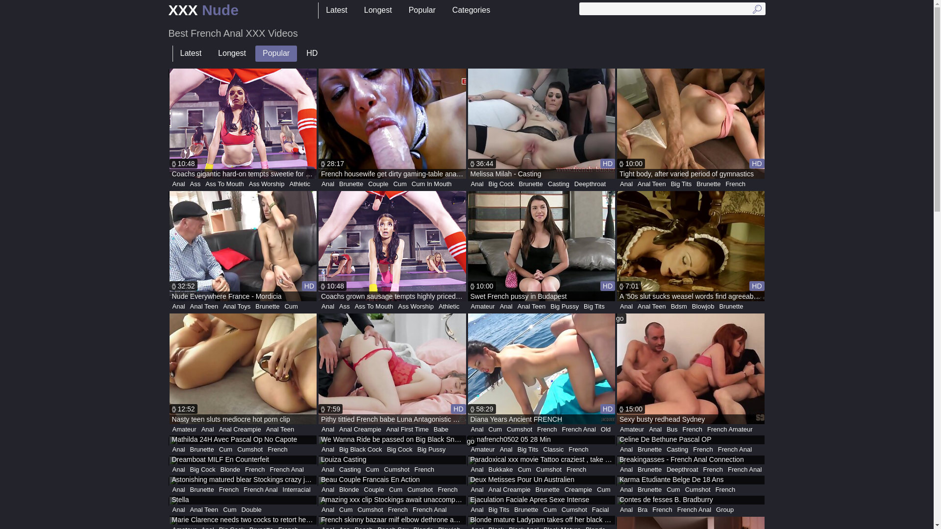  I want to click on 'Celine De Bethune Pascal OP, so click(690, 439).